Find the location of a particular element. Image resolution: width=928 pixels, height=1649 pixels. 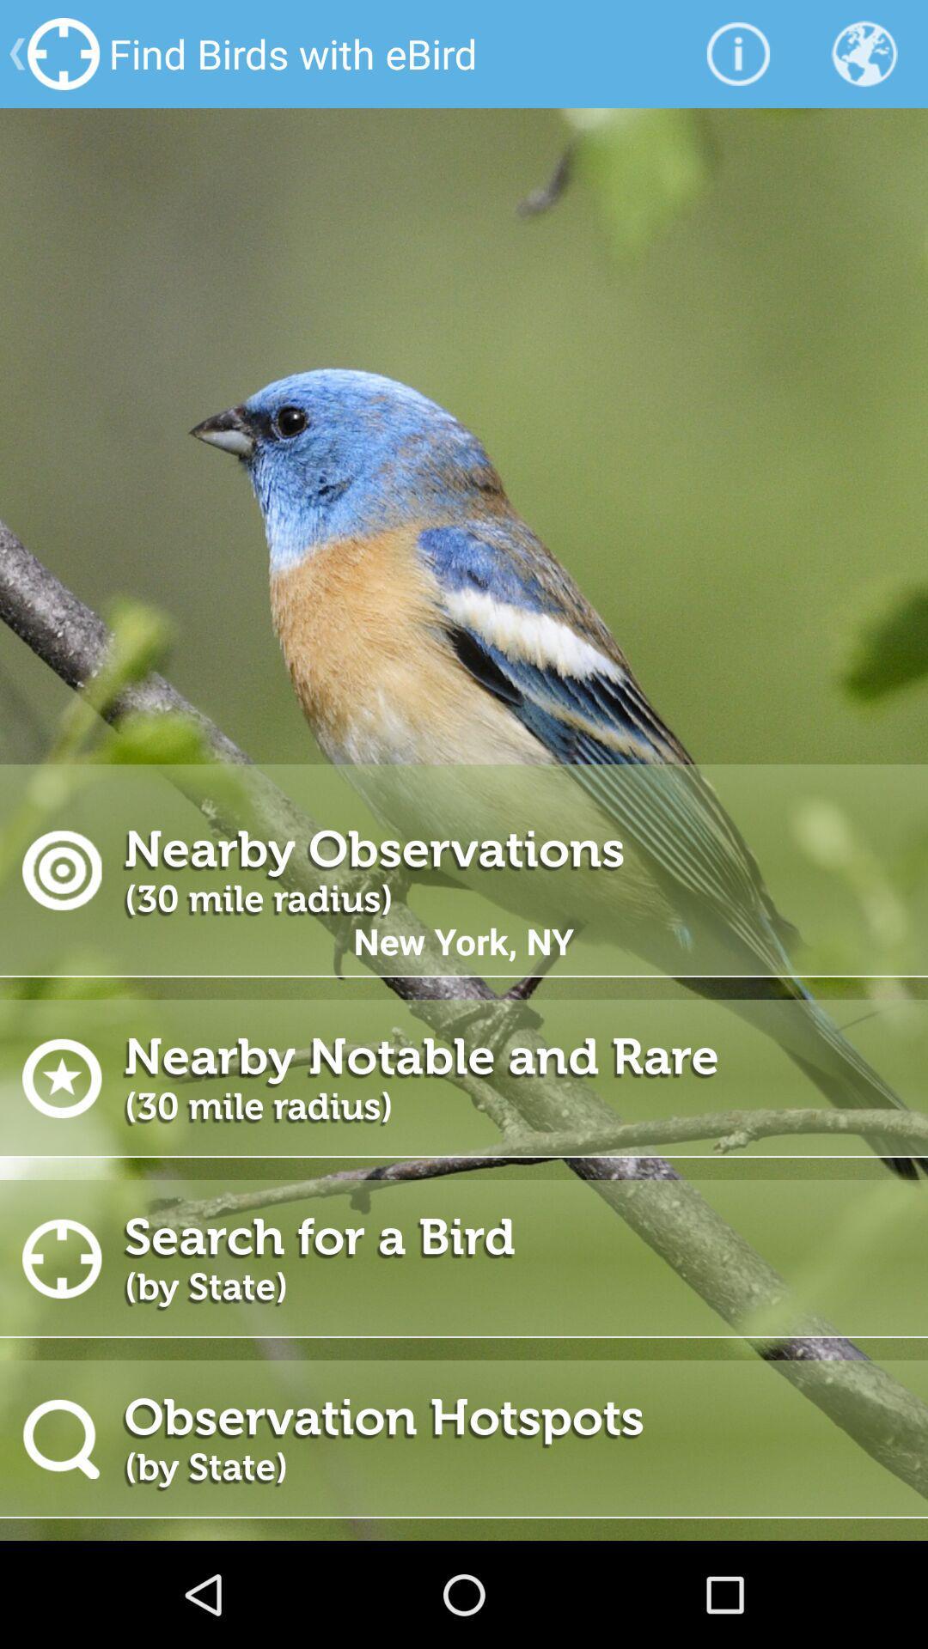

icon to the right of find birds with app is located at coordinates (737, 53).